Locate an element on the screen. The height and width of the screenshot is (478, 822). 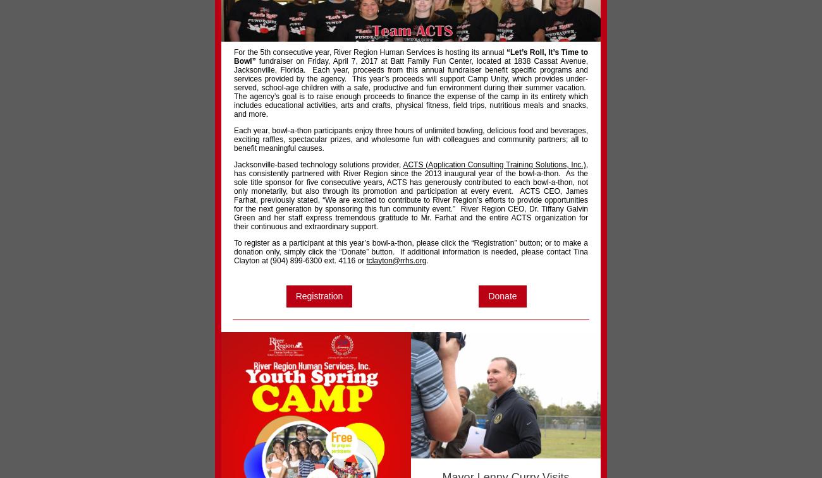
'Jacksonville-based technology solutions provider,' is located at coordinates (318, 164).